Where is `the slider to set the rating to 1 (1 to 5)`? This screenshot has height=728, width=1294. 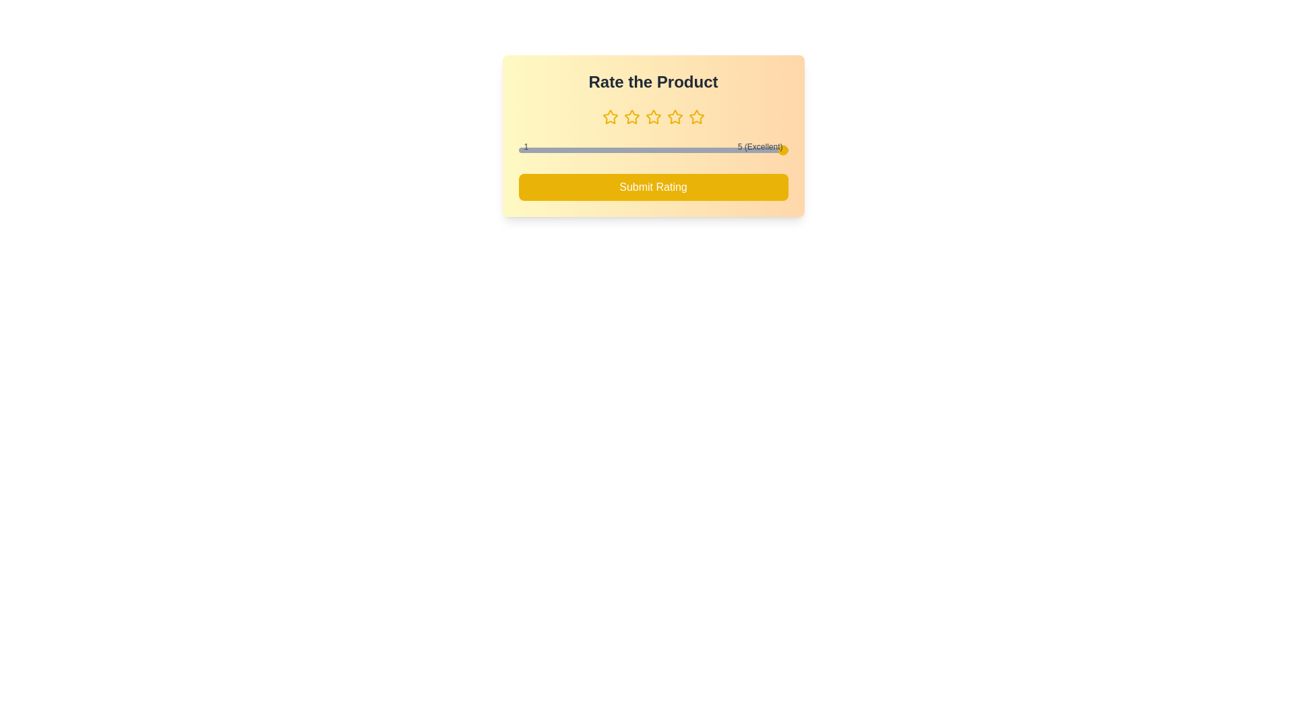 the slider to set the rating to 1 (1 to 5) is located at coordinates (518, 150).